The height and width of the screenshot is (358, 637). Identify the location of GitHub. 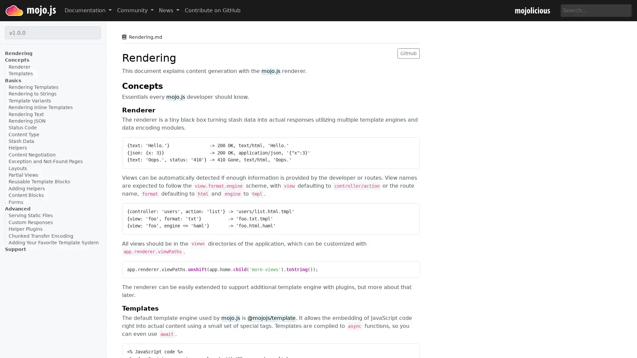
(408, 53).